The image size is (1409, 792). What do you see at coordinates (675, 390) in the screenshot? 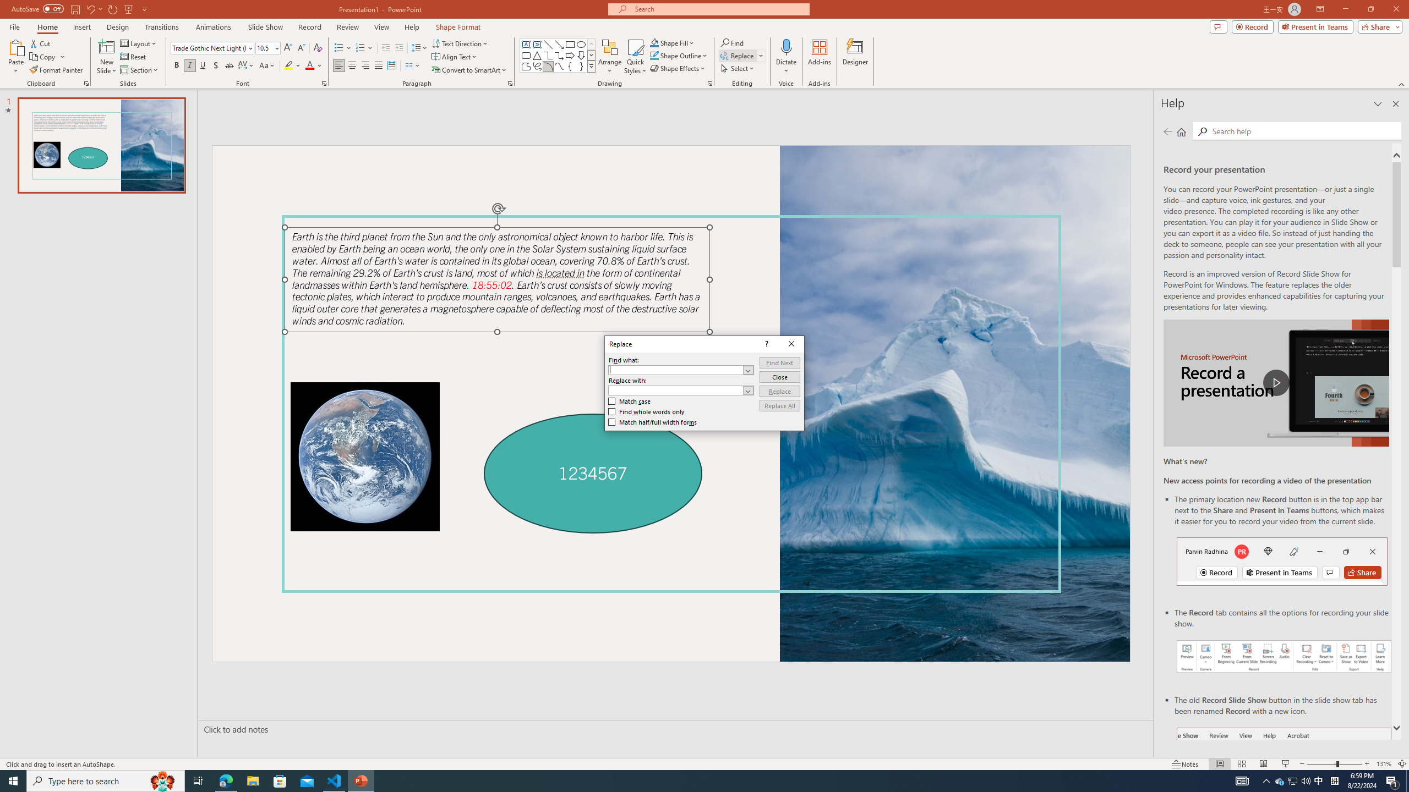
I see `'Replace with'` at bounding box center [675, 390].